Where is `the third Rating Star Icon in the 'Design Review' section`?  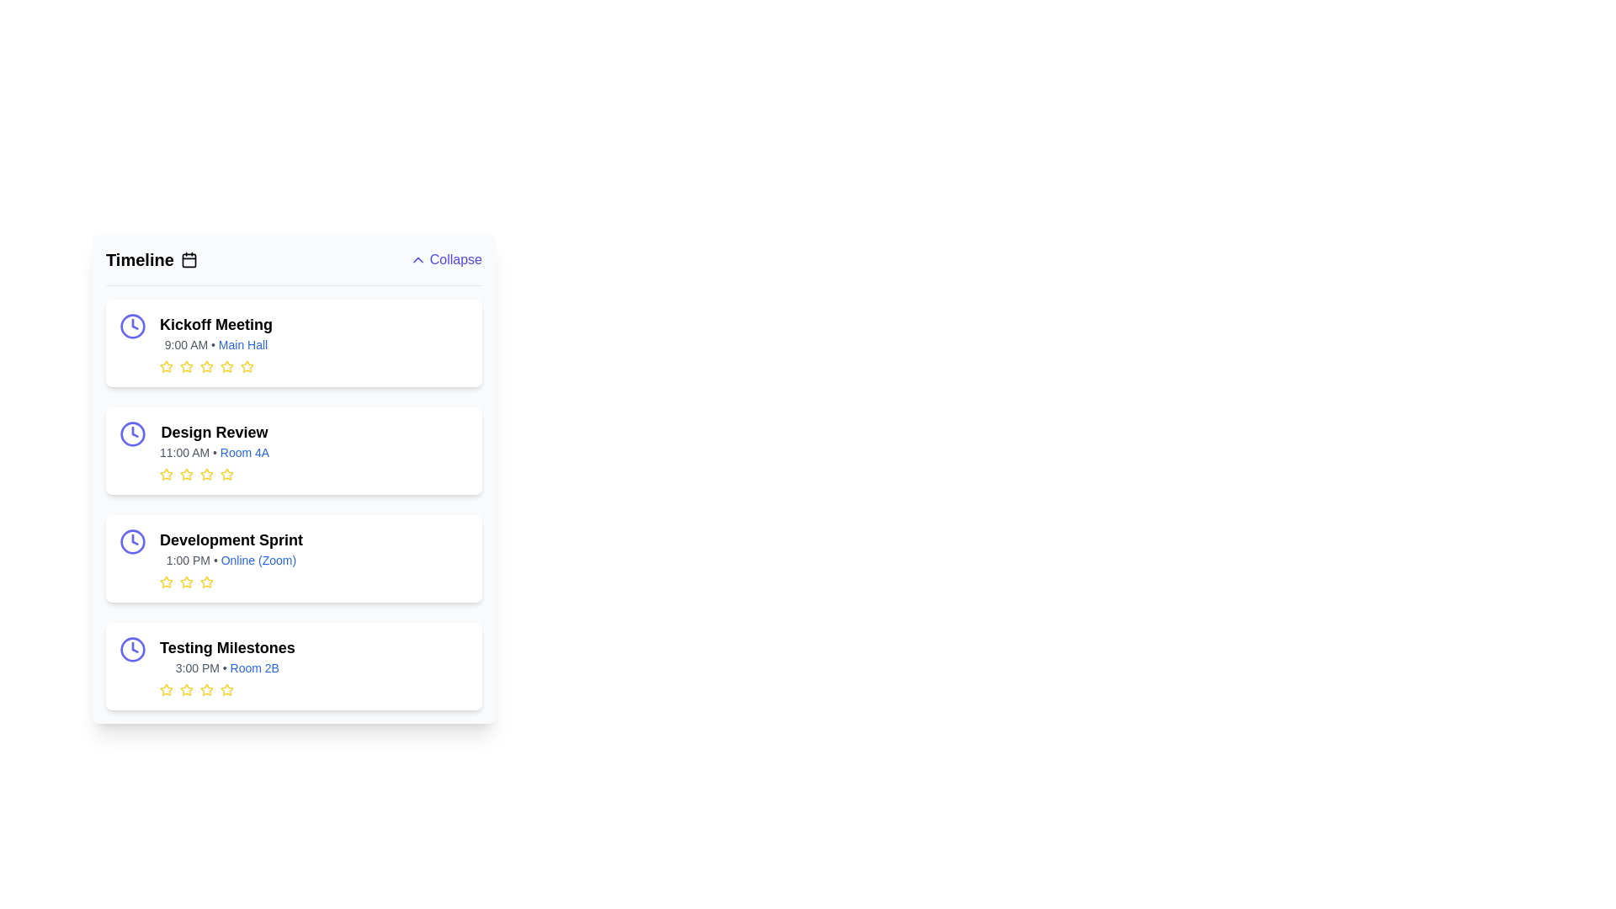 the third Rating Star Icon in the 'Design Review' section is located at coordinates (226, 474).